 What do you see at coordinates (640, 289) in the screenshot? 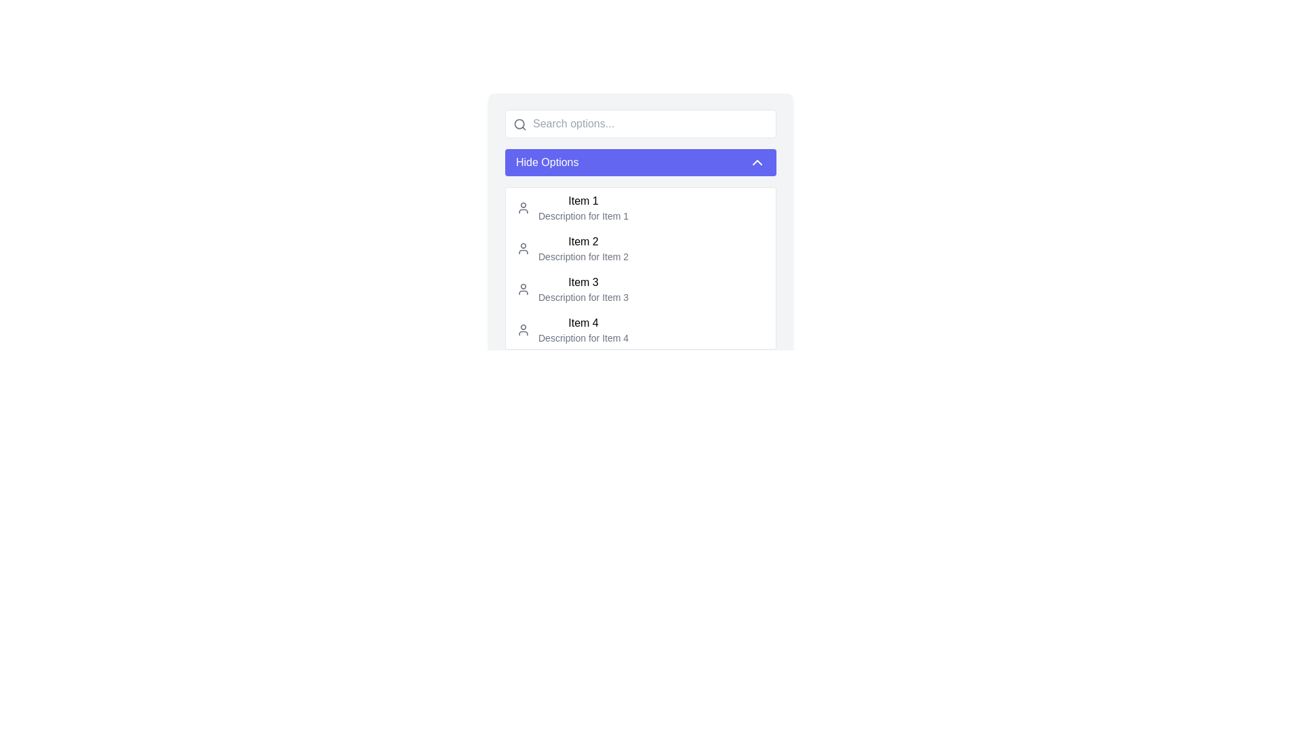
I see `the list item displaying 'Item 3' with a bold title and its description below` at bounding box center [640, 289].